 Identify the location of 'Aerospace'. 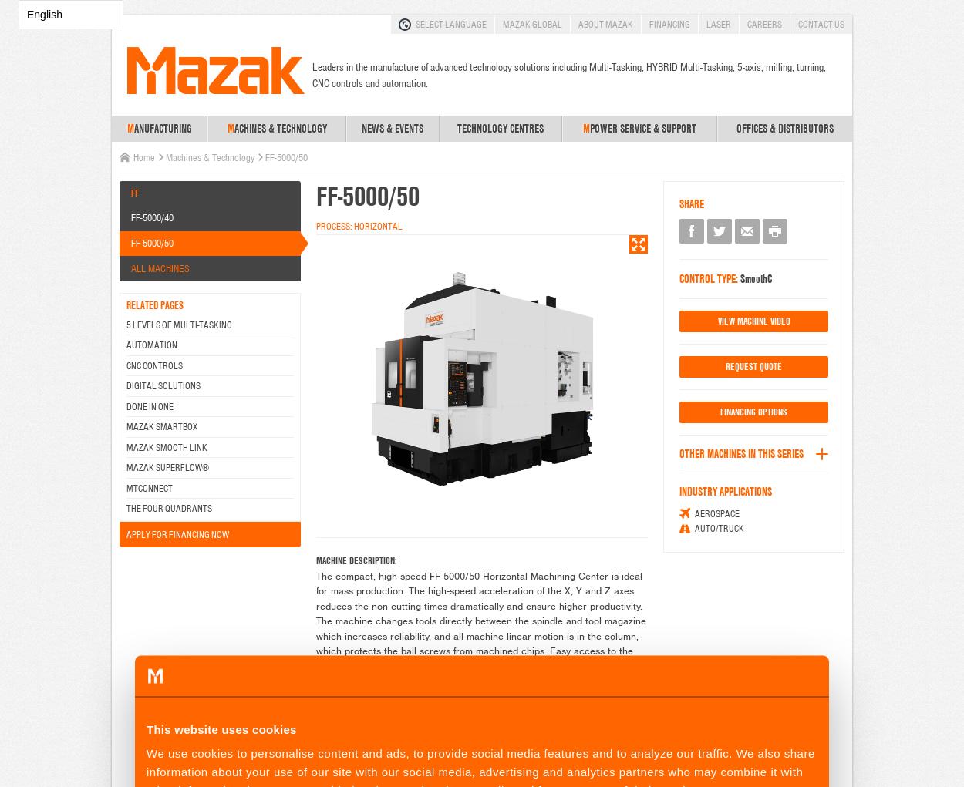
(717, 512).